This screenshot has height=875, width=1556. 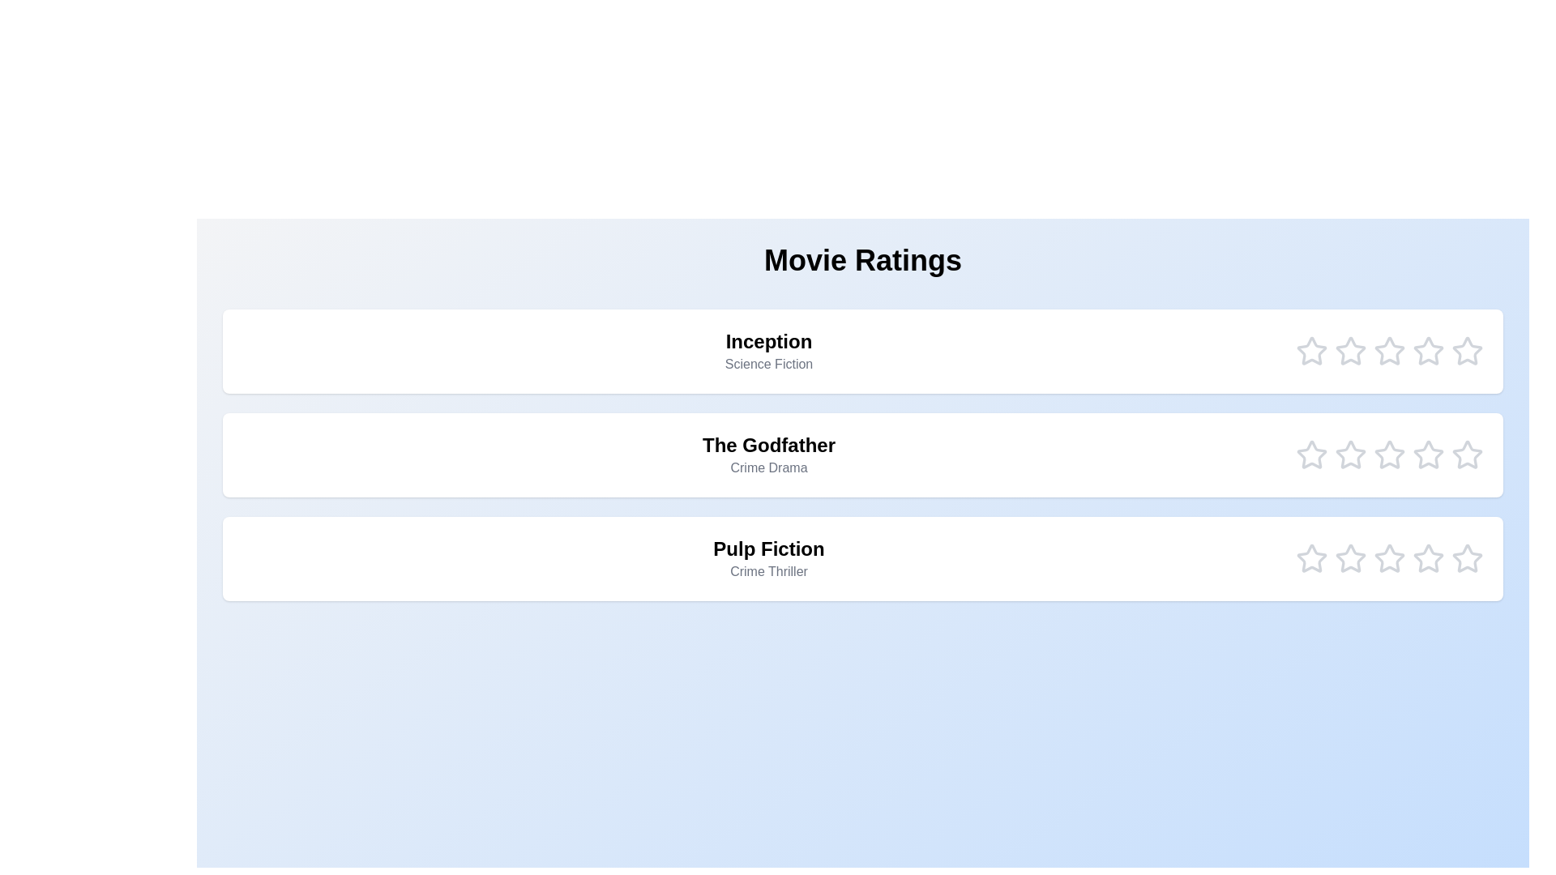 I want to click on the movie title to view its details, so click(x=768, y=351).